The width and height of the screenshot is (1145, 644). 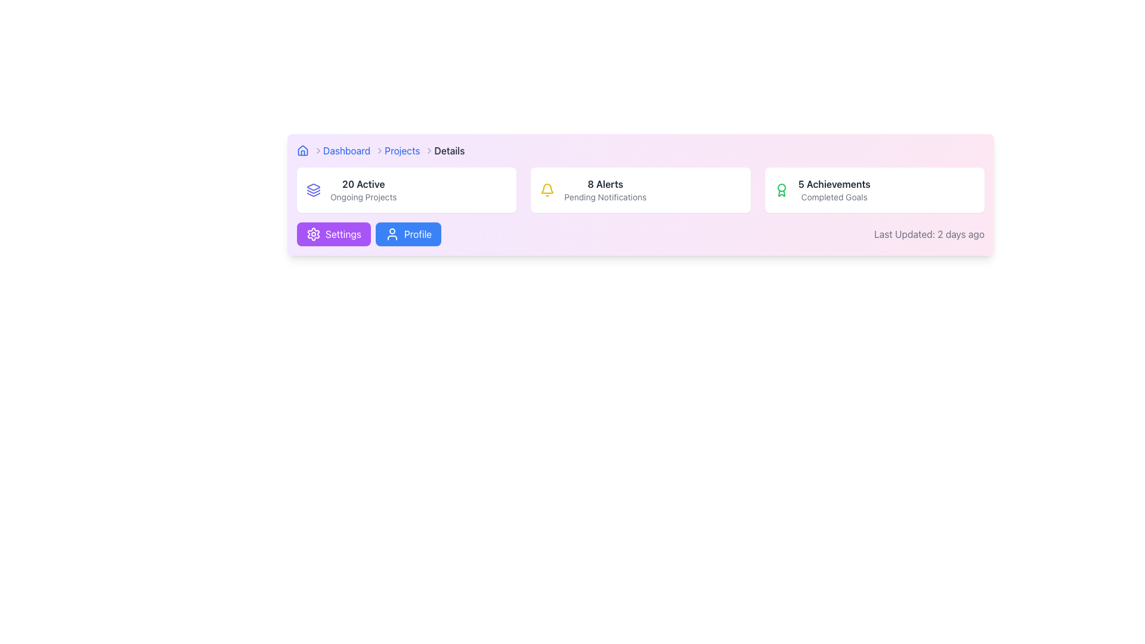 I want to click on text of the label displaying '5 Achievements,' which is styled with bold weight and located above the 'Completed Goals' label in the rightmost card of the row, so click(x=834, y=184).